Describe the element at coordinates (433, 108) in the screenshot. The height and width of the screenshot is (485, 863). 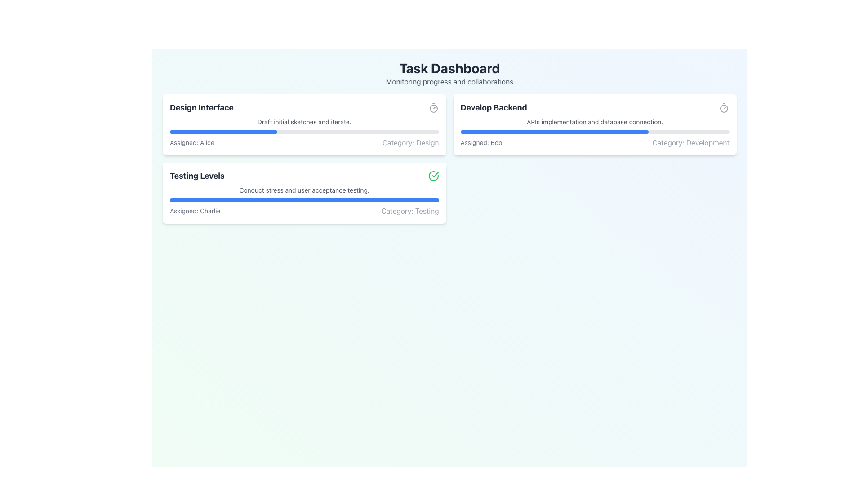
I see `the decorative SVG Circle that represents a part of the timer icon located in the upper-right corner of the 'Develop Backend' card on the dashboard` at that location.